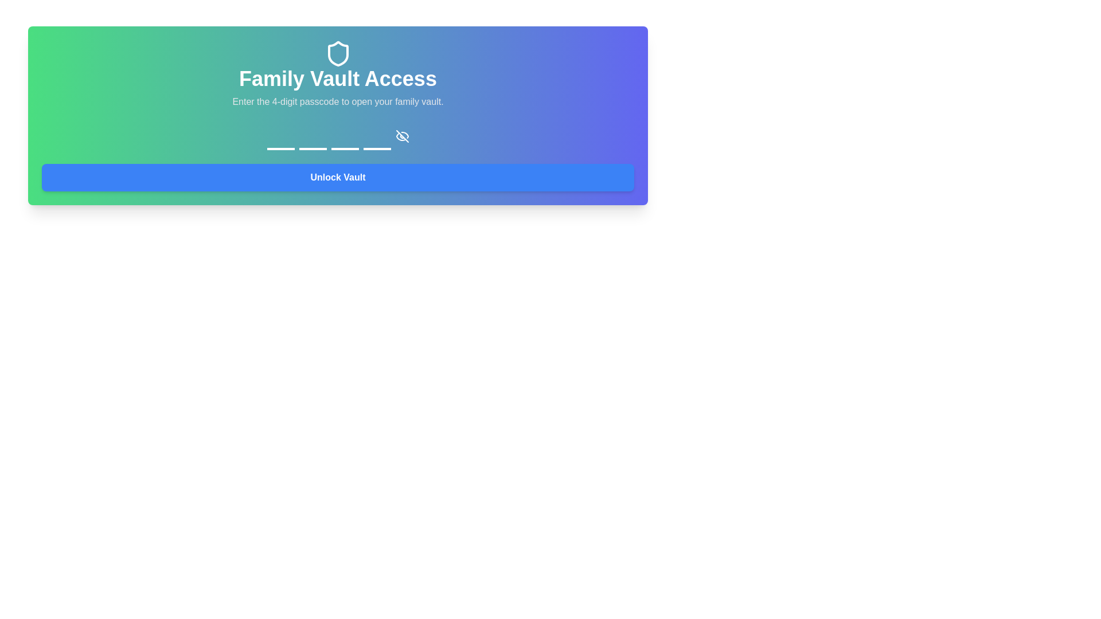  Describe the element at coordinates (337, 53) in the screenshot. I see `the shield-shaped icon, which is white with a line-drawn style, located centrally above the 'Family Vault Access' text` at that location.